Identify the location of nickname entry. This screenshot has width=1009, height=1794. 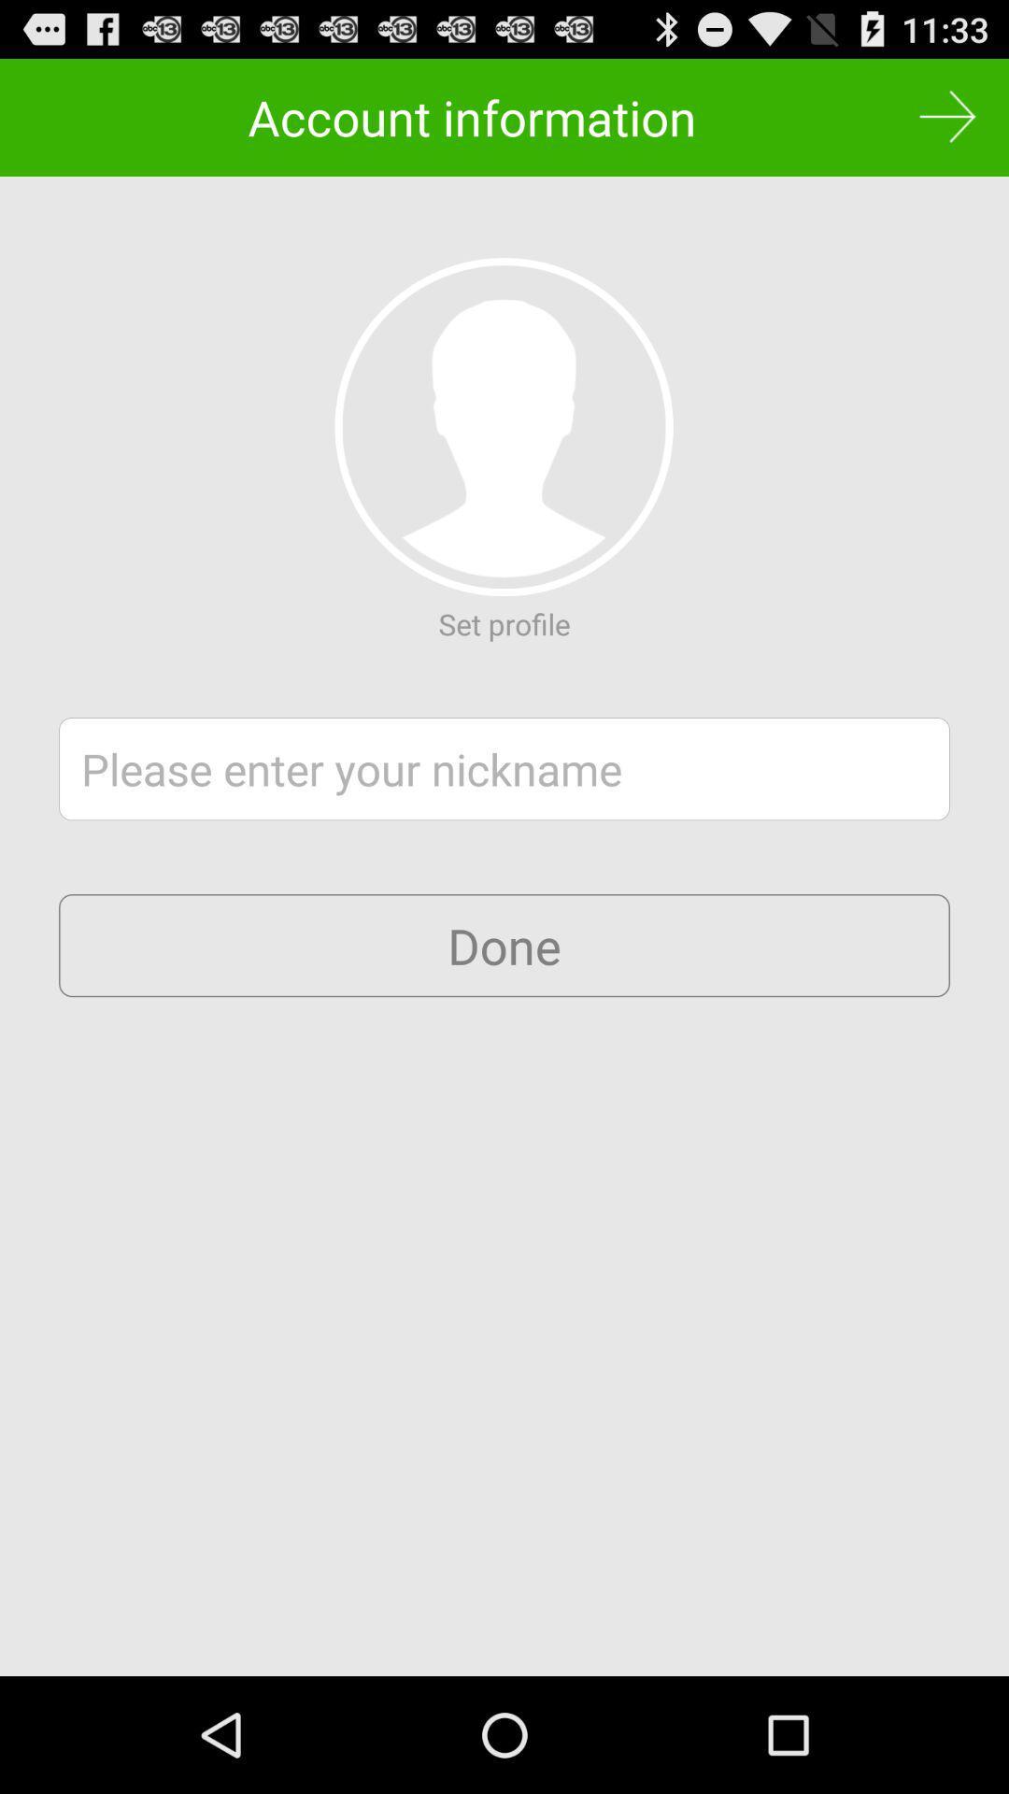
(504, 769).